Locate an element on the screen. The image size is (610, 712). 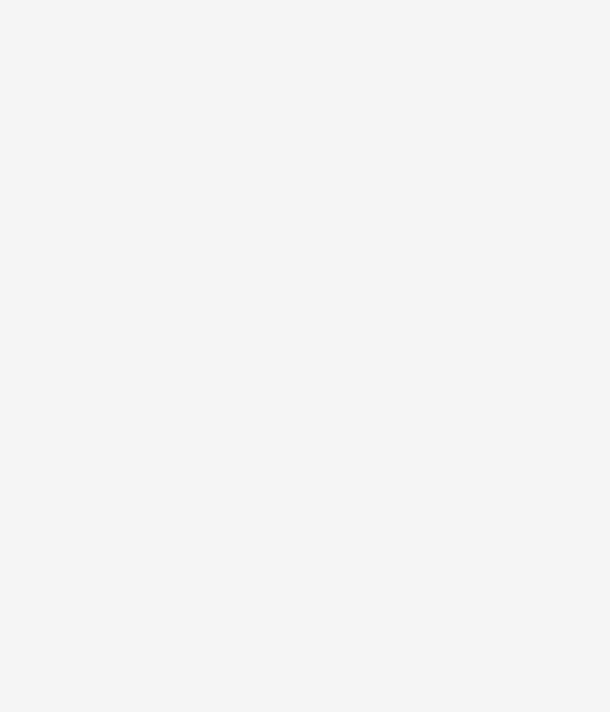
'Ginger and Nutmeg is a Food and Travel blog for Active Foodies hooked on travelling. We love food, history and digging into cultural traditions. This is a blog with a bit of humour, informative travel information and some great recipes.' is located at coordinates (291, 610).